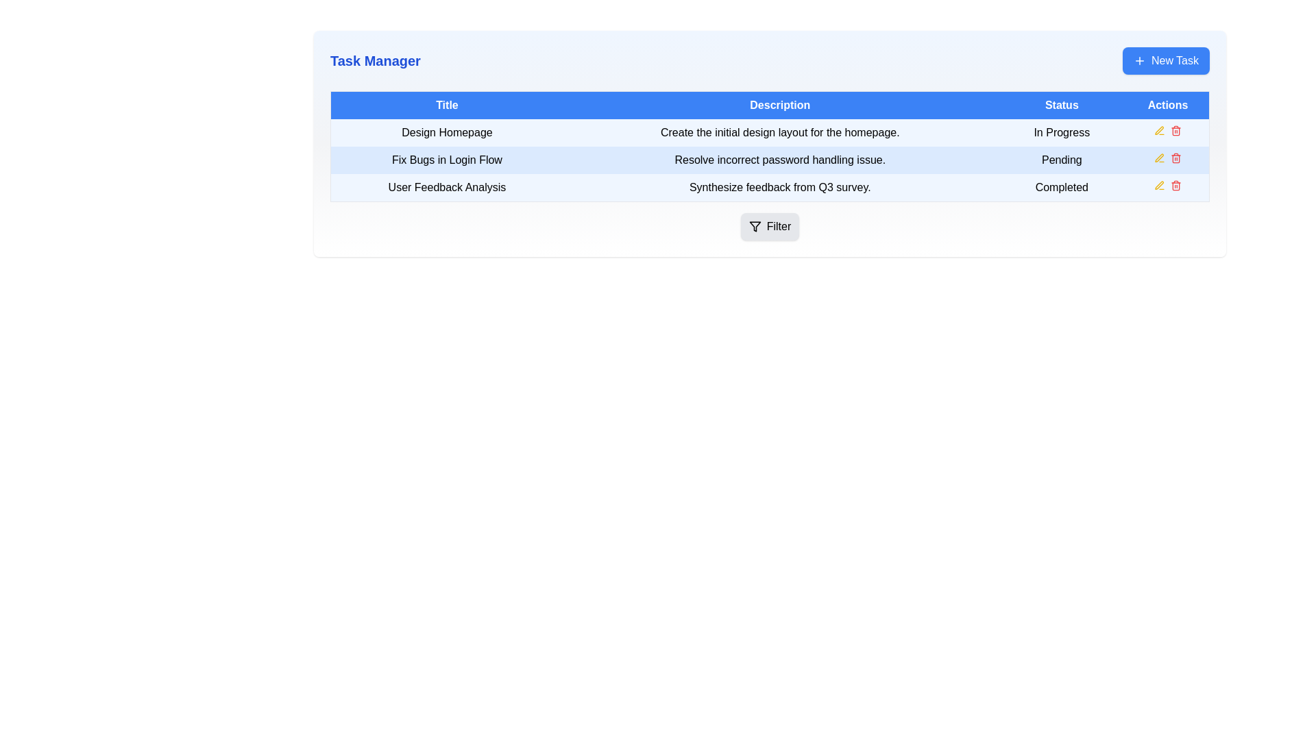  Describe the element at coordinates (447, 132) in the screenshot. I see `the text label 'Design Homepage' located in the 'Title' column of the table under the 'Task Manager' heading` at that location.